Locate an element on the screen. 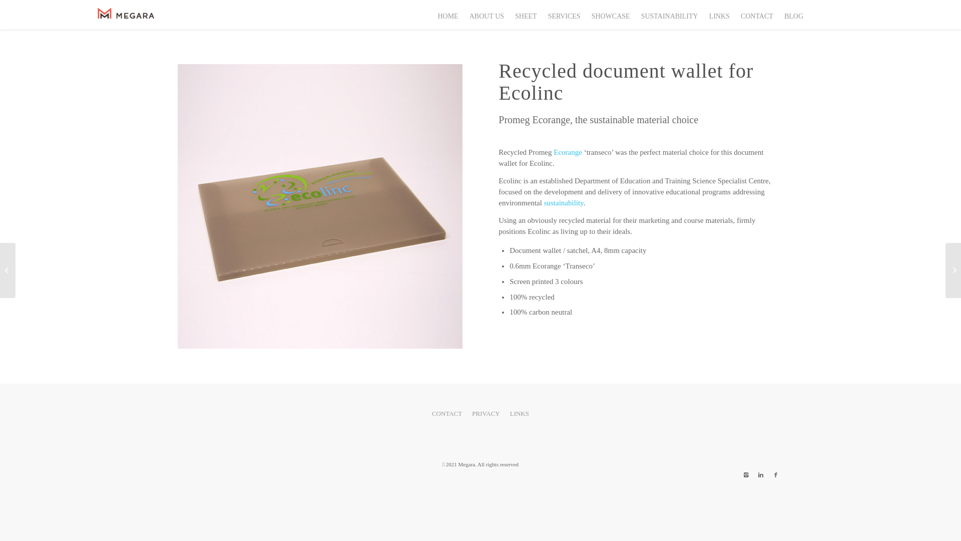  'ABOUT US' is located at coordinates (463, 15).